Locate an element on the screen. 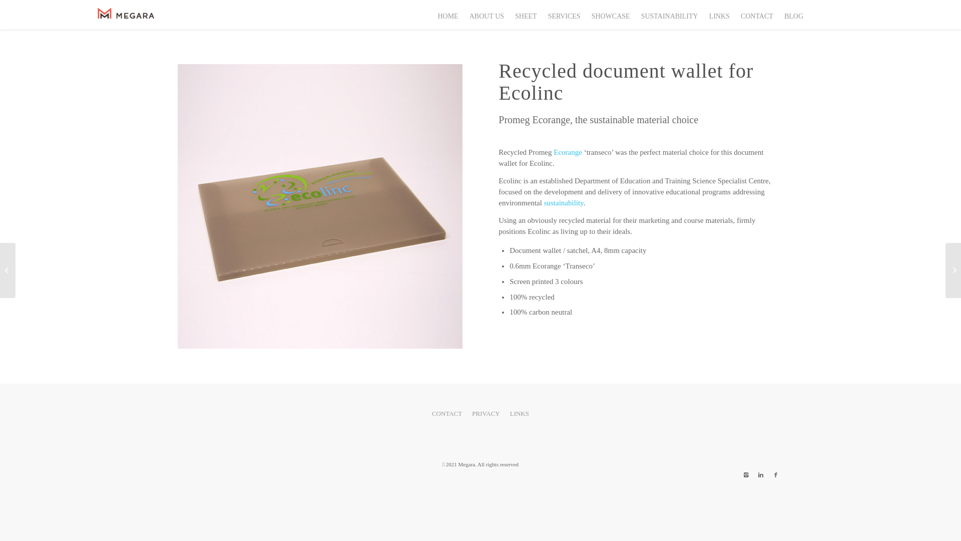  'ABOUT US' is located at coordinates (463, 15).